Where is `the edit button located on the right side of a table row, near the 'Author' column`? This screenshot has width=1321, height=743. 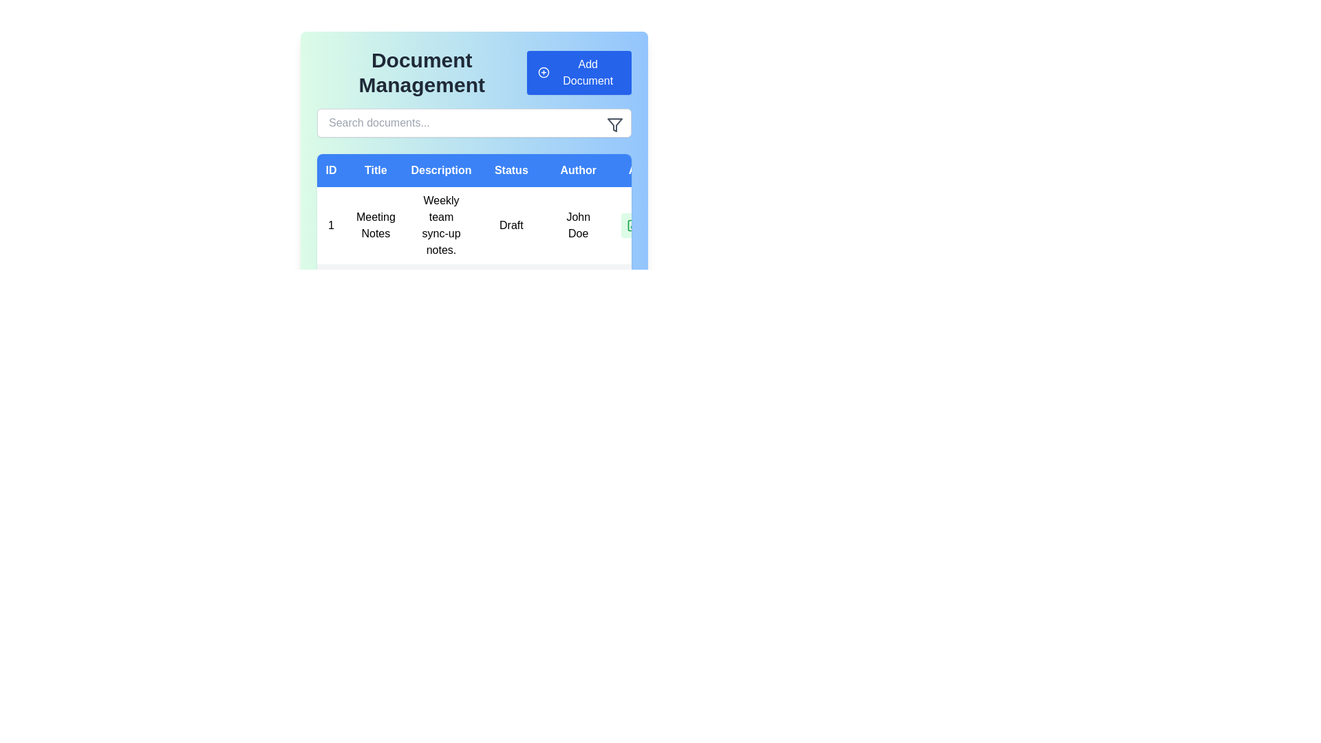
the edit button located on the right side of a table row, near the 'Author' column is located at coordinates (633, 224).